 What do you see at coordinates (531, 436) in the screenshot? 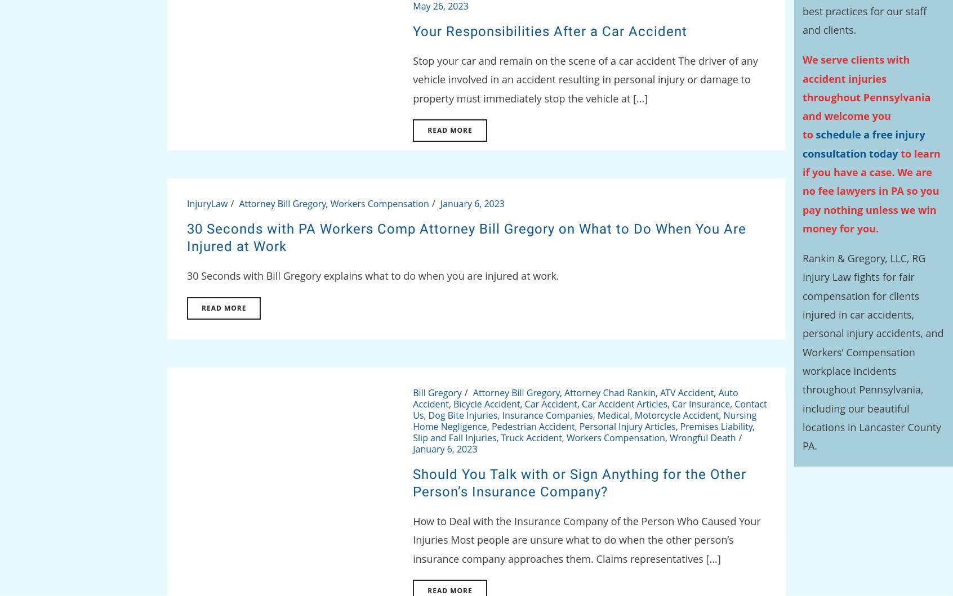
I see `'Truck Accident'` at bounding box center [531, 436].